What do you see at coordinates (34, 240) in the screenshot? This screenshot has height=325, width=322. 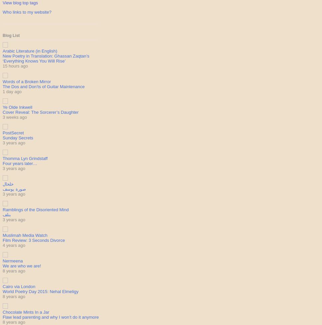 I see `'Film Review: 3 Seconds Divorce'` at bounding box center [34, 240].